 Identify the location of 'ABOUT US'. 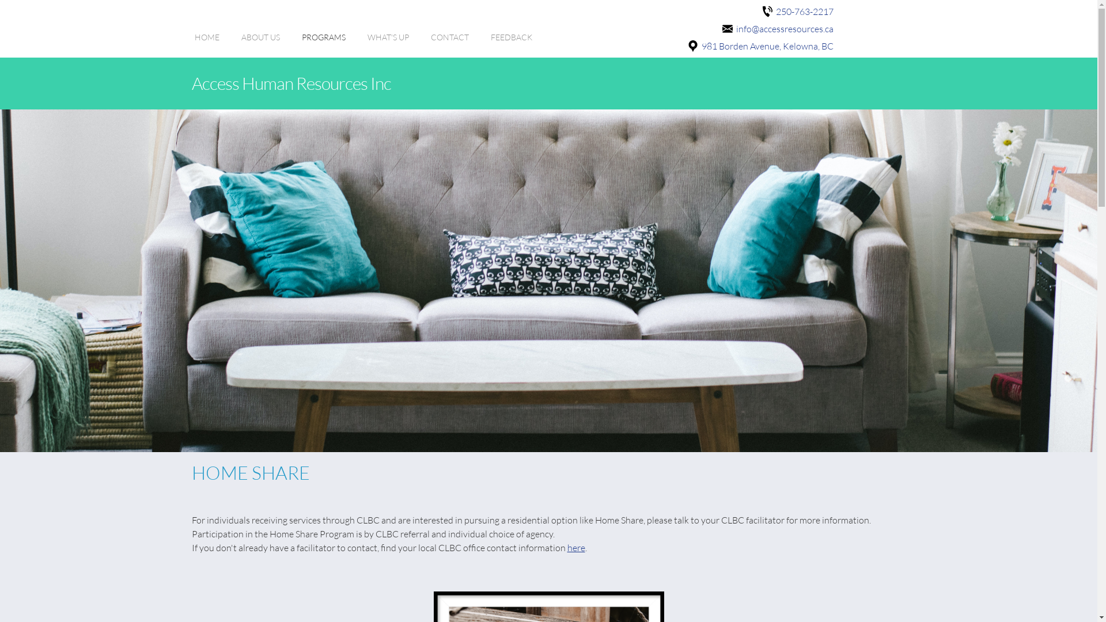
(240, 42).